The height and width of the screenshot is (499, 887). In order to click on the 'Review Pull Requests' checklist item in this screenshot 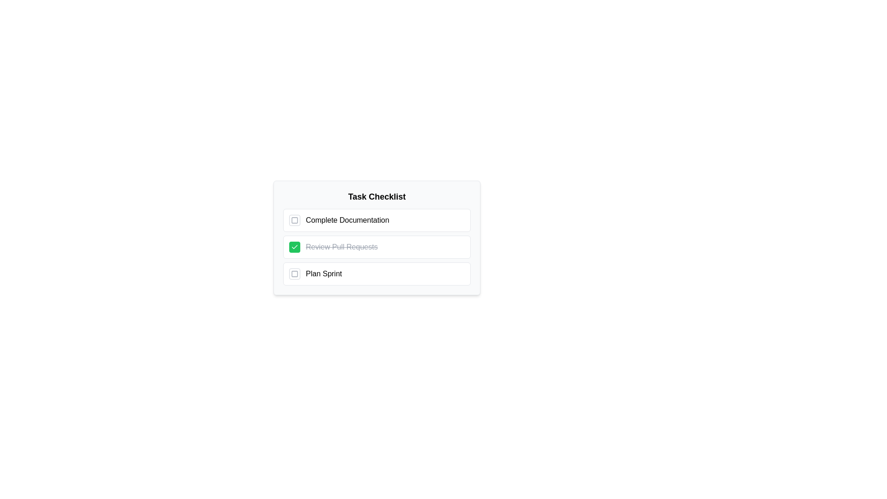, I will do `click(377, 237)`.